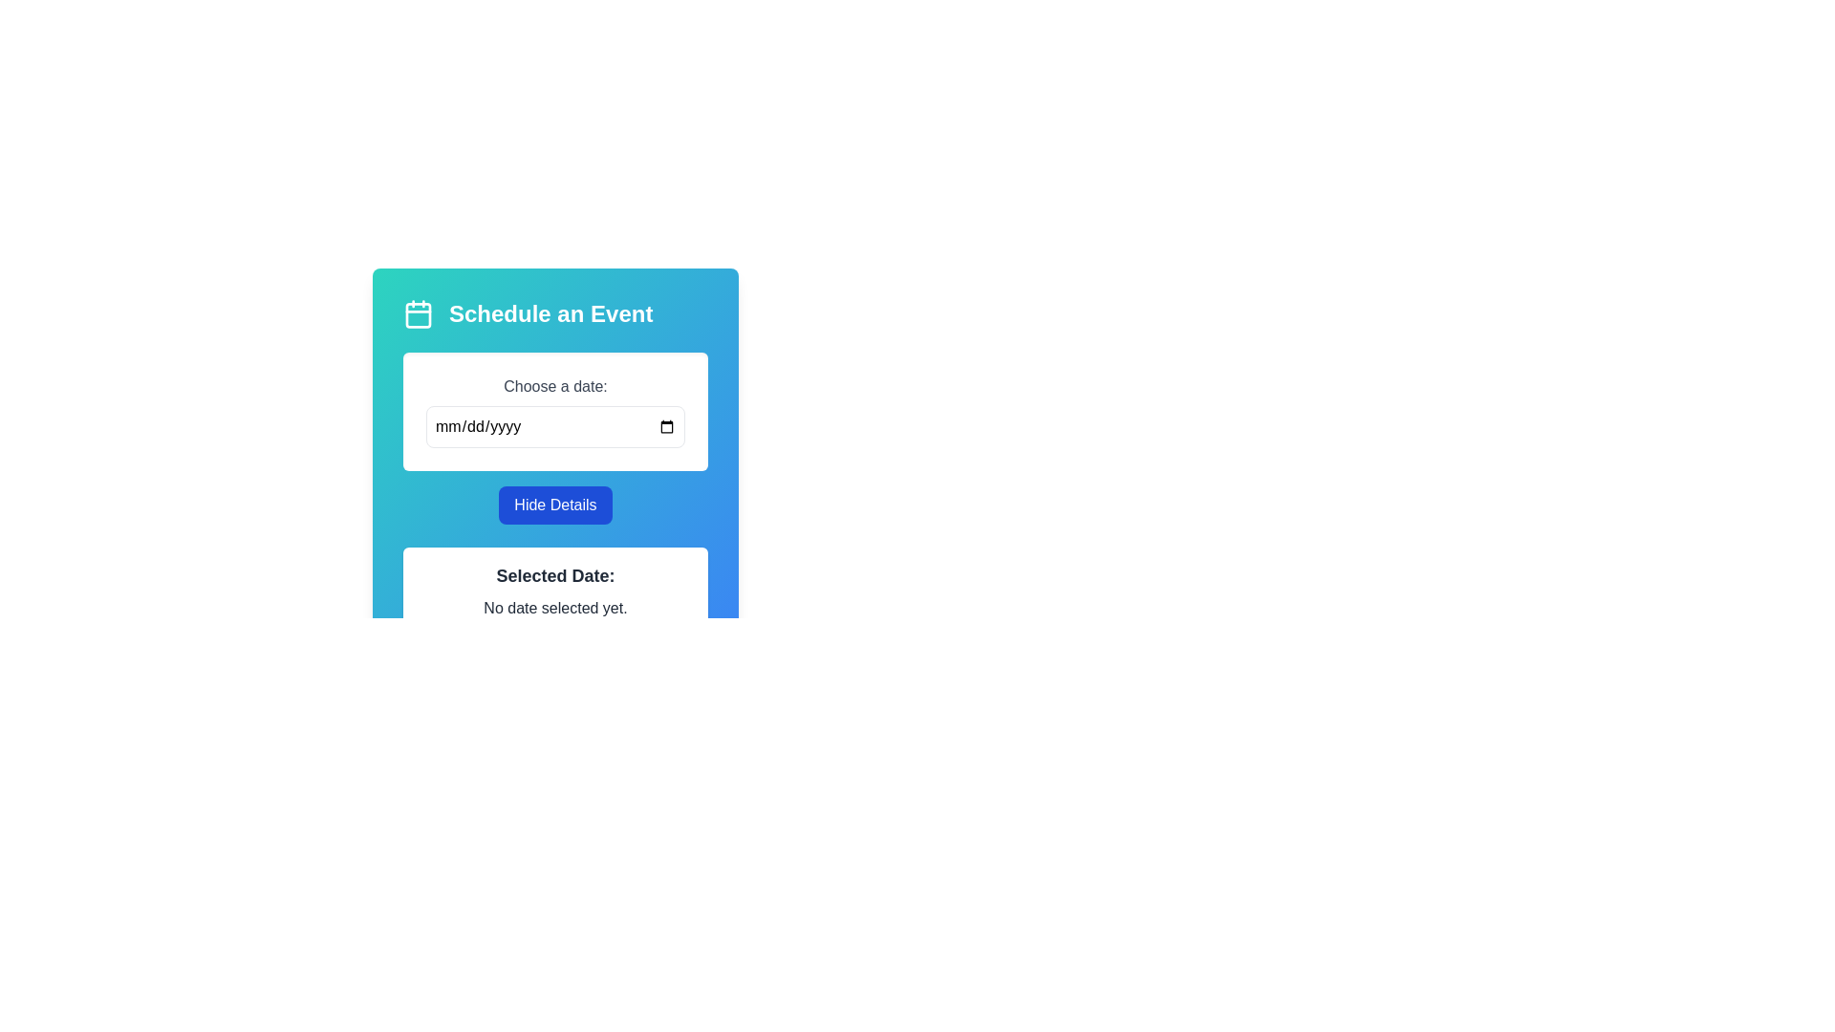 This screenshot has height=1032, width=1835. Describe the element at coordinates (554, 387) in the screenshot. I see `the text label that provides a descriptive prompt for the date input field located above it in a card-style layout` at that location.